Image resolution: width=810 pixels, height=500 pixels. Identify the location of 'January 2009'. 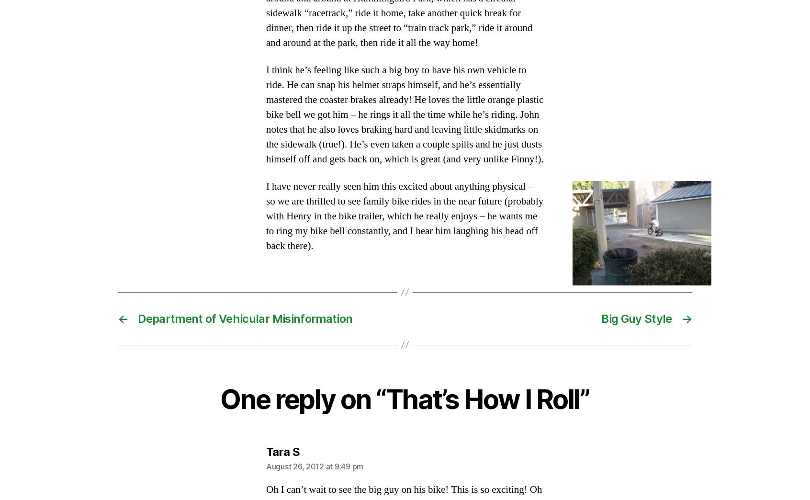
(150, 235).